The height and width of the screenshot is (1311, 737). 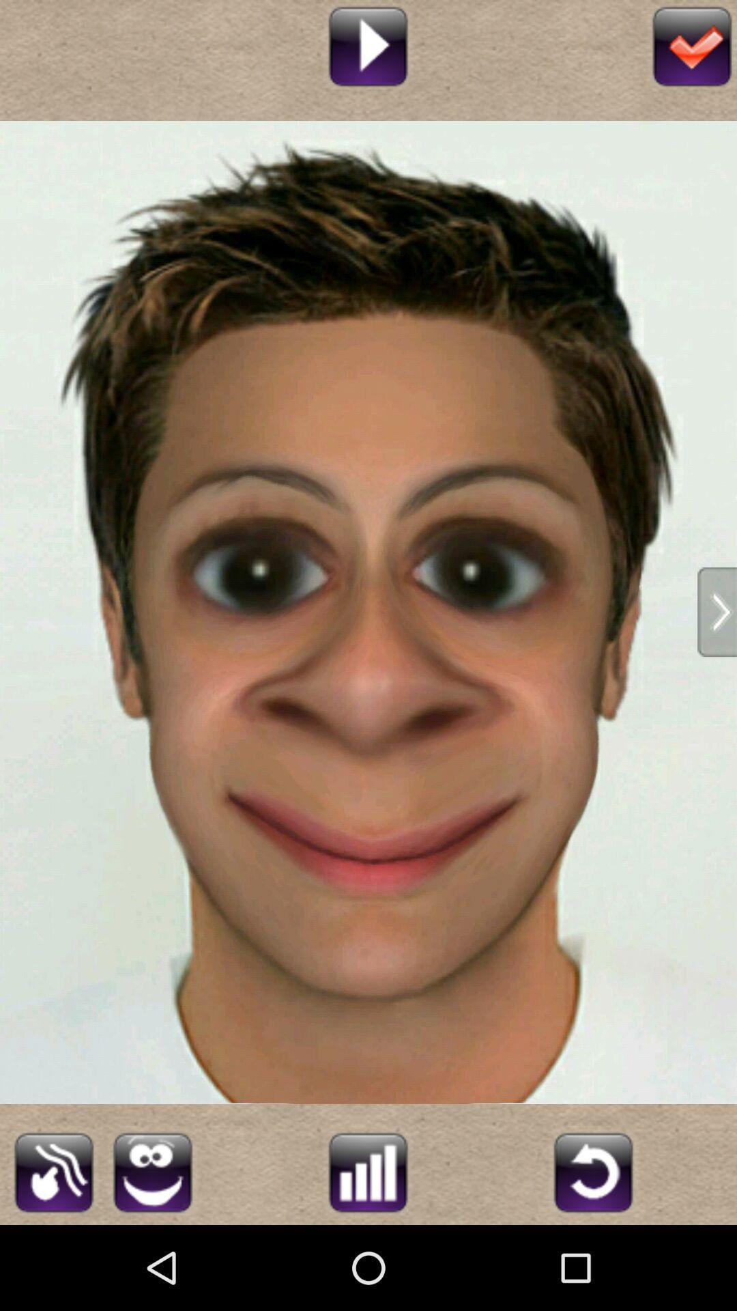 I want to click on graph, so click(x=367, y=1170).